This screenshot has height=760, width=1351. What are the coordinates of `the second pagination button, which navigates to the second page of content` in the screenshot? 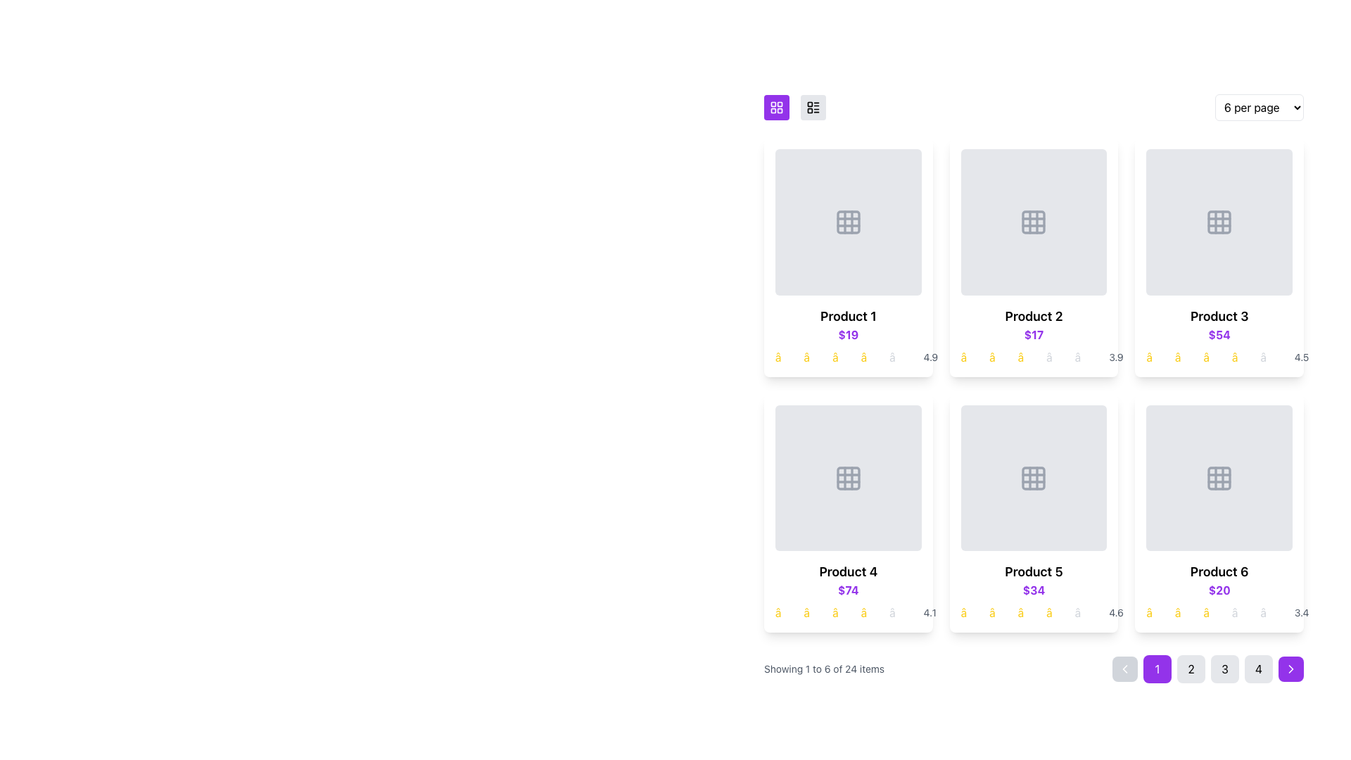 It's located at (1191, 669).